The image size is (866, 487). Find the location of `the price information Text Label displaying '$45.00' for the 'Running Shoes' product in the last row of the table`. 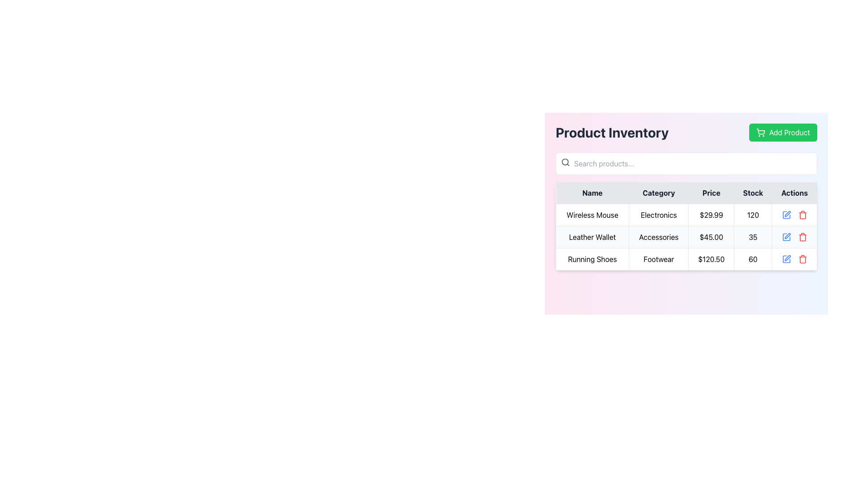

the price information Text Label displaying '$45.00' for the 'Running Shoes' product in the last row of the table is located at coordinates (711, 259).